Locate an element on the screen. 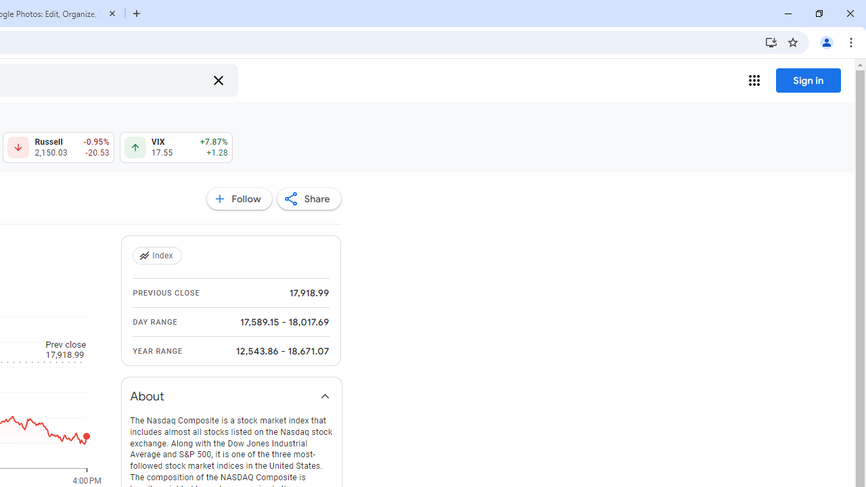  'Clear search' is located at coordinates (218, 80).